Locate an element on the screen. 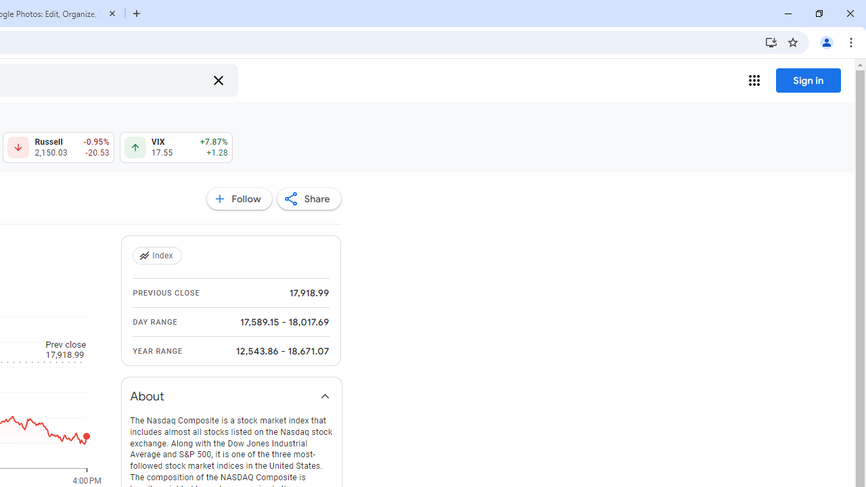  'Clear search' is located at coordinates (218, 80).